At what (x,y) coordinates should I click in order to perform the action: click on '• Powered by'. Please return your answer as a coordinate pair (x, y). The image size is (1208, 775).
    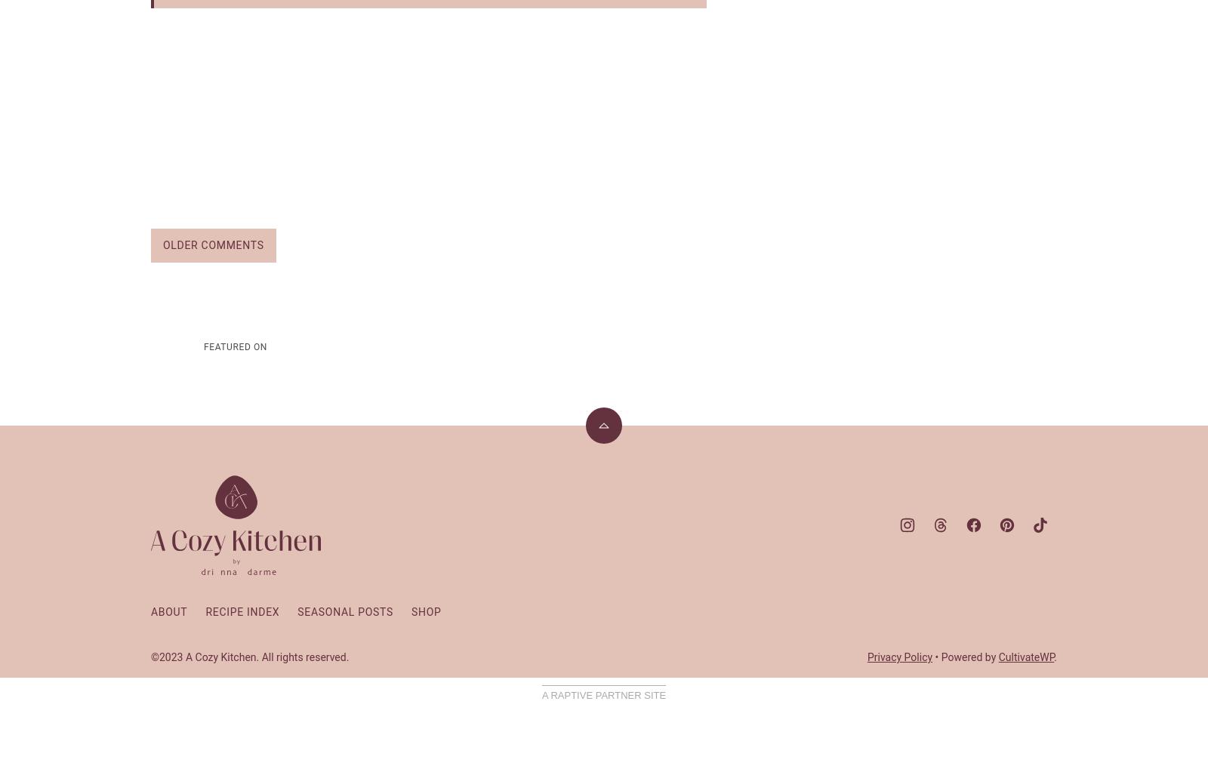
    Looking at the image, I should click on (964, 655).